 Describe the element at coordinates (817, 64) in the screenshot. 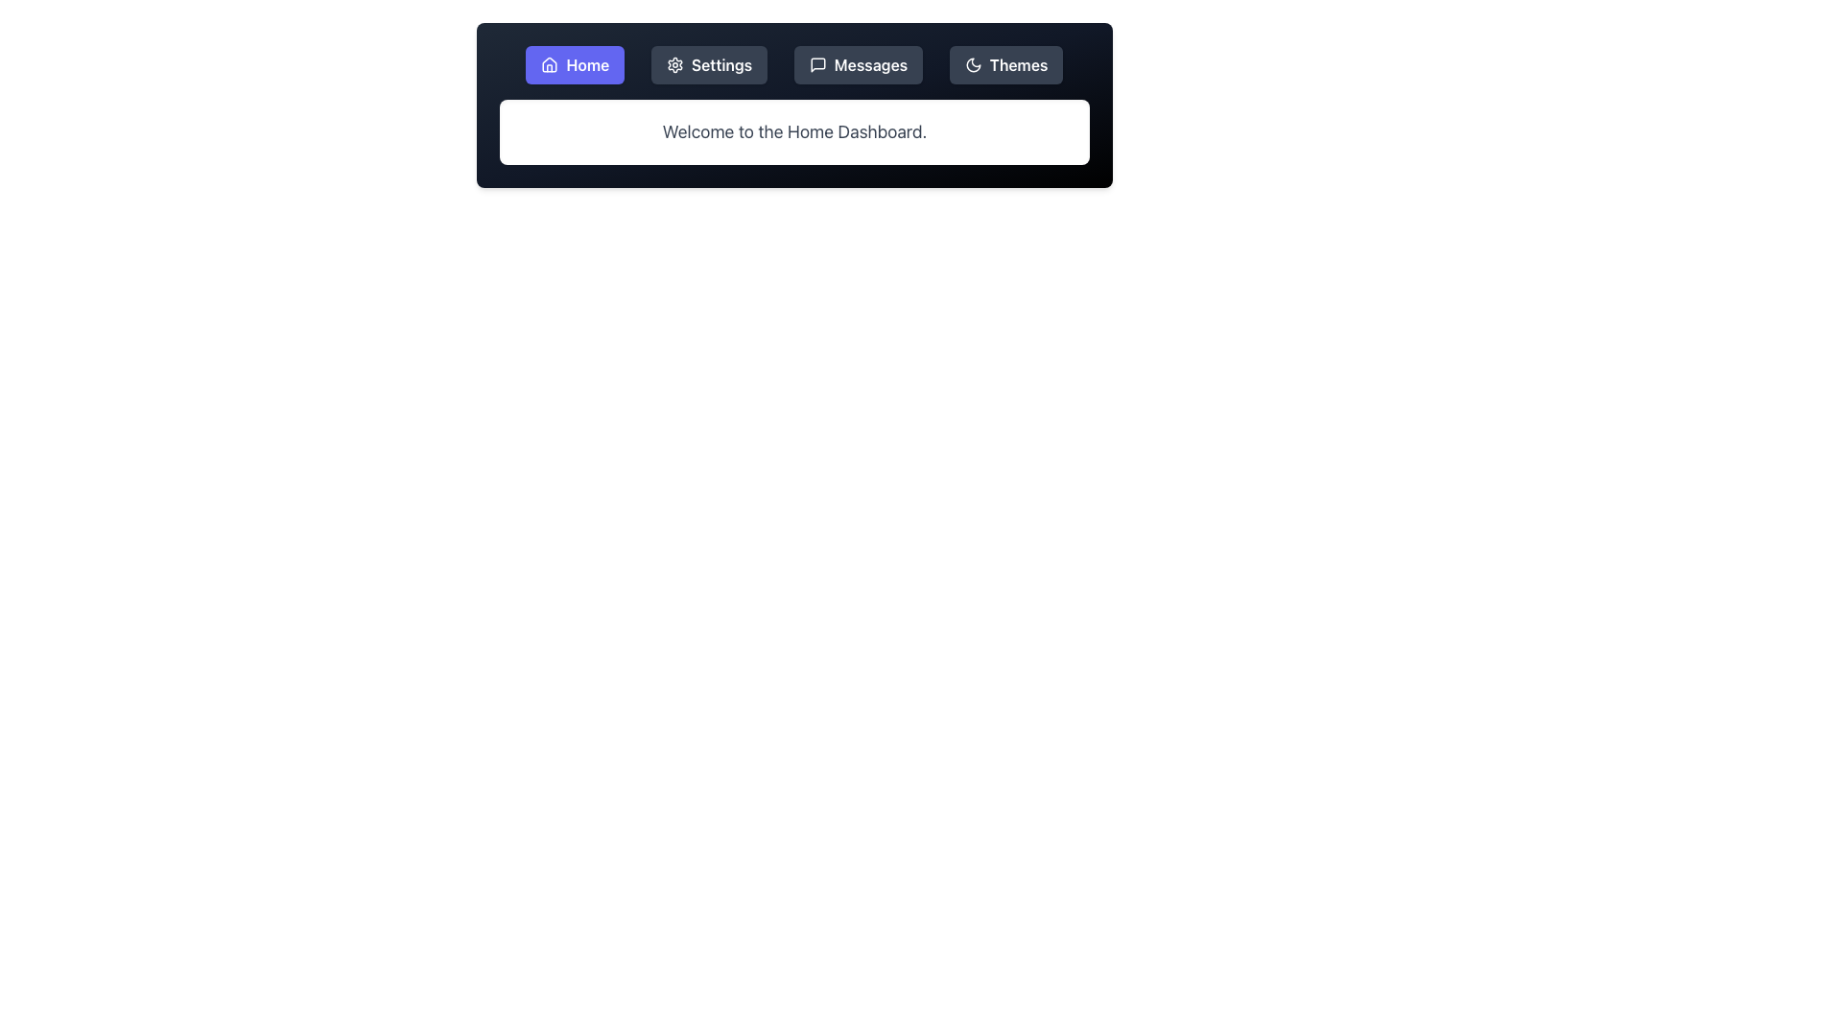

I see `the Messages icon in the navigation bar` at that location.